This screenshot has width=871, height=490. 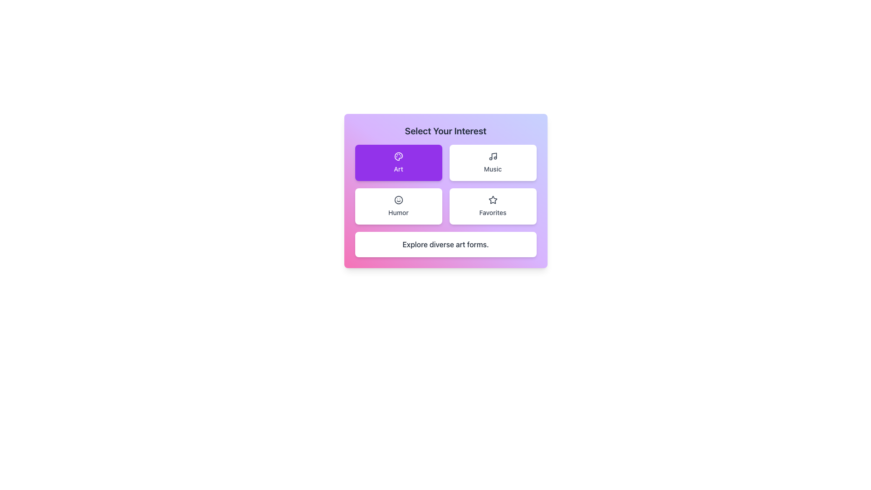 I want to click on the 'Favorites' button, which is a rectangular button with rounded corners, a white background, and a black star icon above the text 'Favorites'. It is located at the bottom-right corner of a two-by-two grid layout beneath the heading 'Select Your Interest', so click(x=492, y=206).